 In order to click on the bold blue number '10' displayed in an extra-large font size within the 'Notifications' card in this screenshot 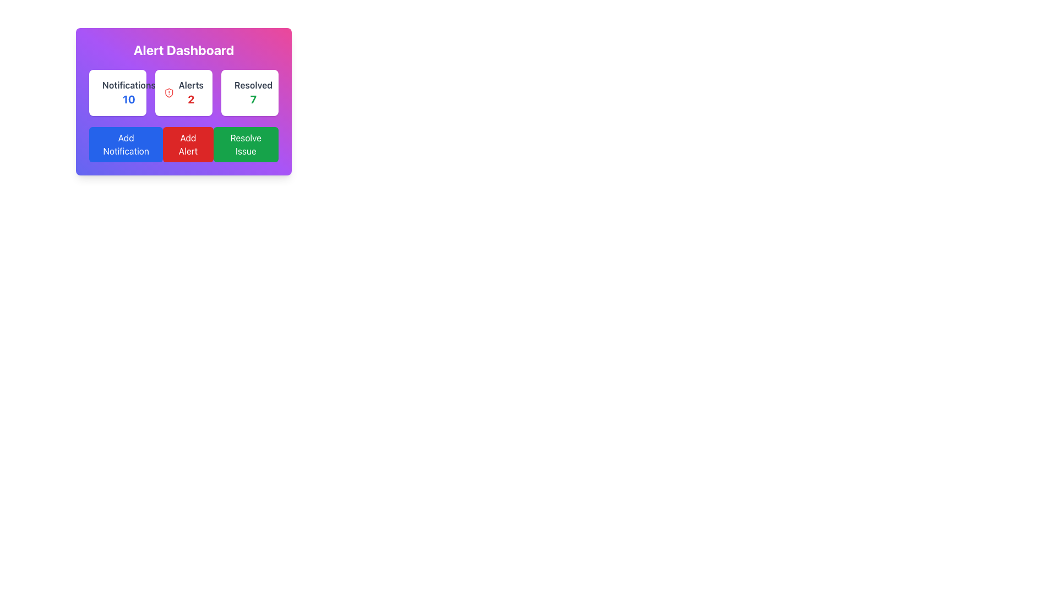, I will do `click(129, 100)`.